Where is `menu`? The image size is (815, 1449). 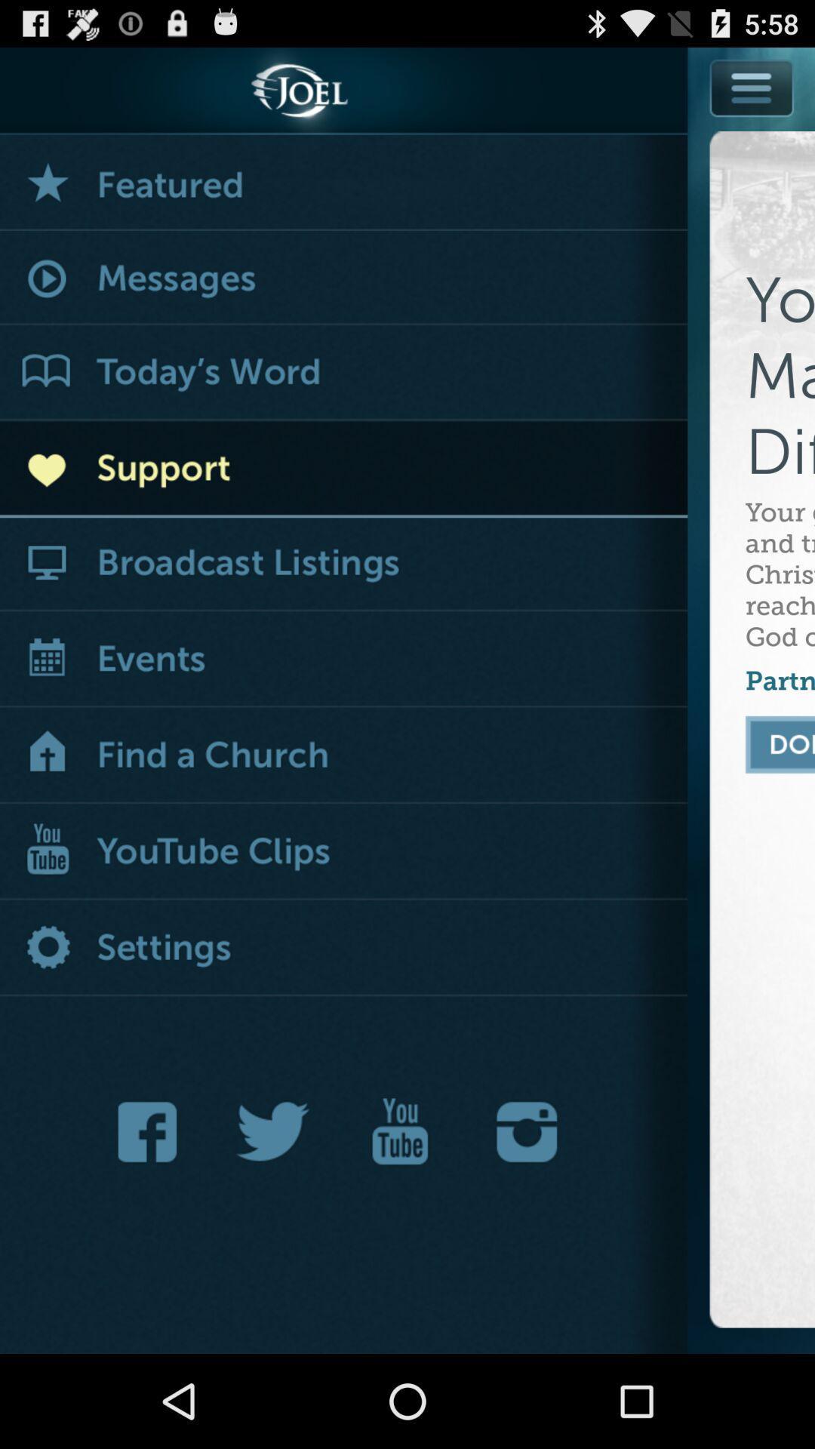 menu is located at coordinates (752, 87).